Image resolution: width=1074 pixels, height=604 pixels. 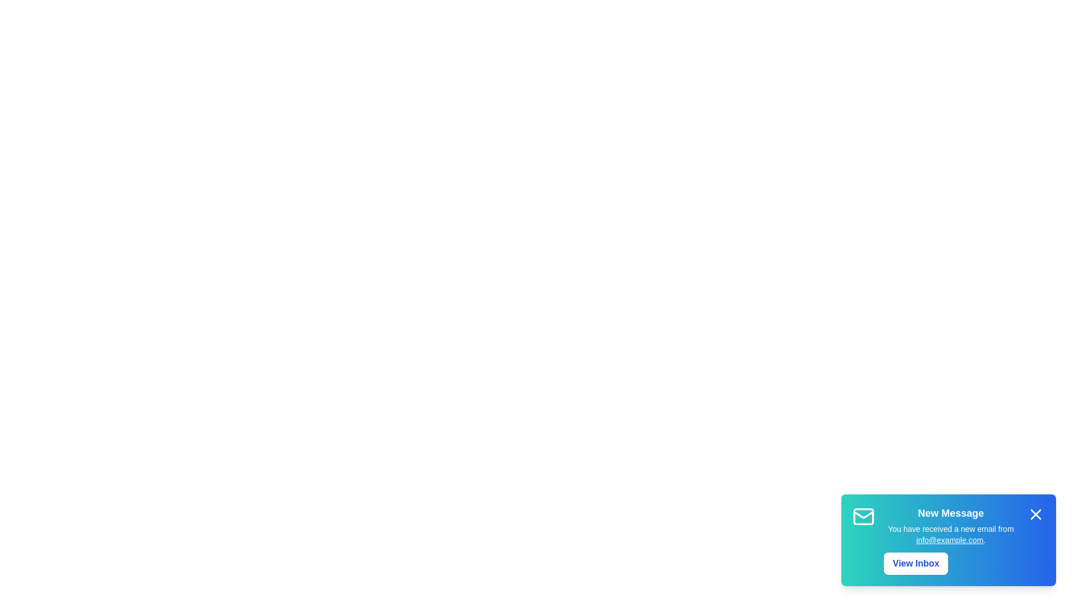 What do you see at coordinates (1035, 515) in the screenshot?
I see `the close button to dismiss the notification` at bounding box center [1035, 515].